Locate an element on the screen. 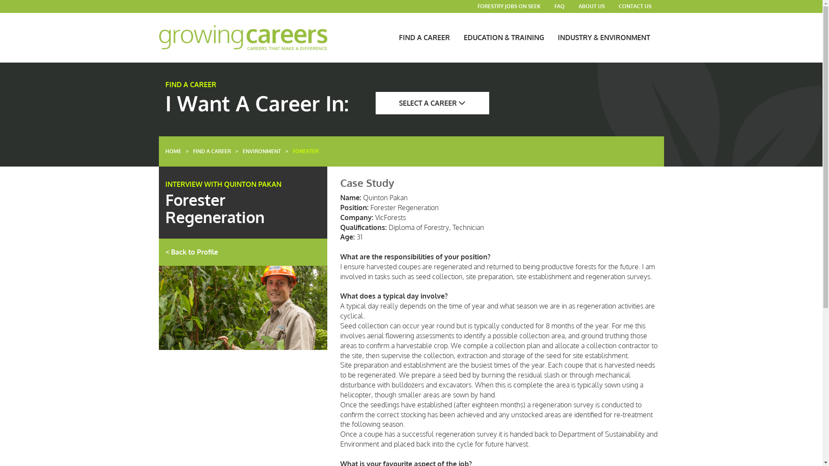  'FIND A CAREER' is located at coordinates (424, 37).